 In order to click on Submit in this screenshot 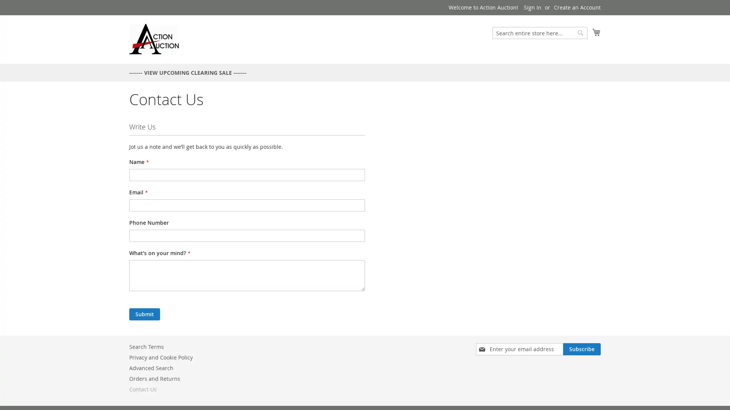, I will do `click(144, 314)`.